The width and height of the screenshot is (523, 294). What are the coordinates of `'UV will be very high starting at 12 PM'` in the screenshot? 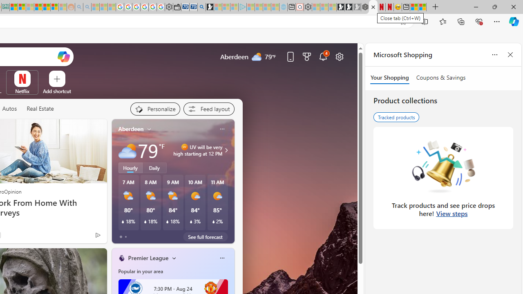 It's located at (225, 150).